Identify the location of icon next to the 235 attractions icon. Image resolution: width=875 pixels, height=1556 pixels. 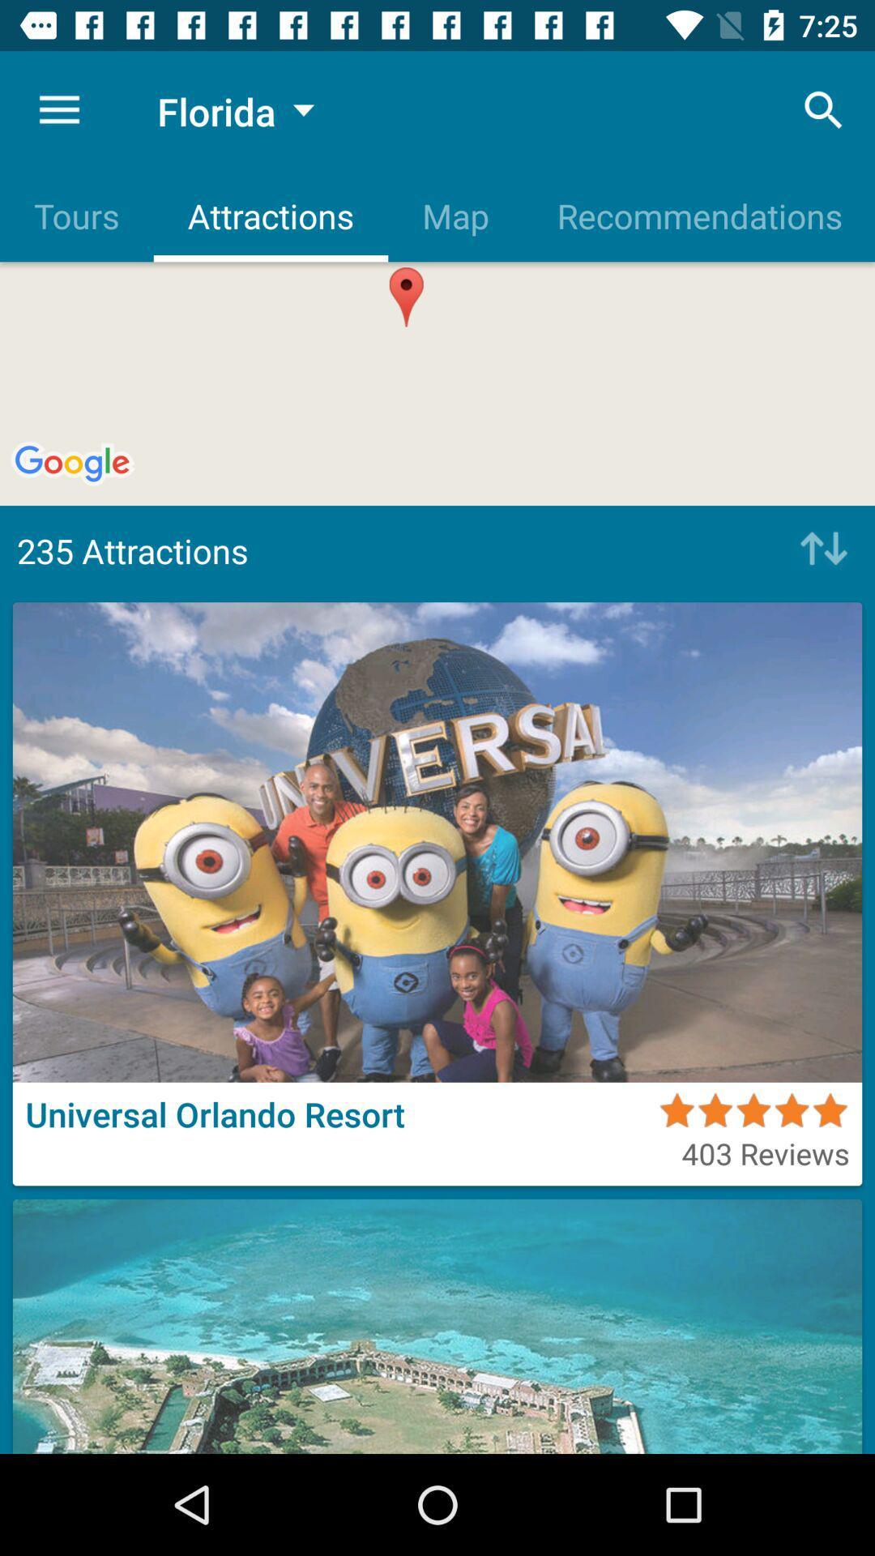
(819, 550).